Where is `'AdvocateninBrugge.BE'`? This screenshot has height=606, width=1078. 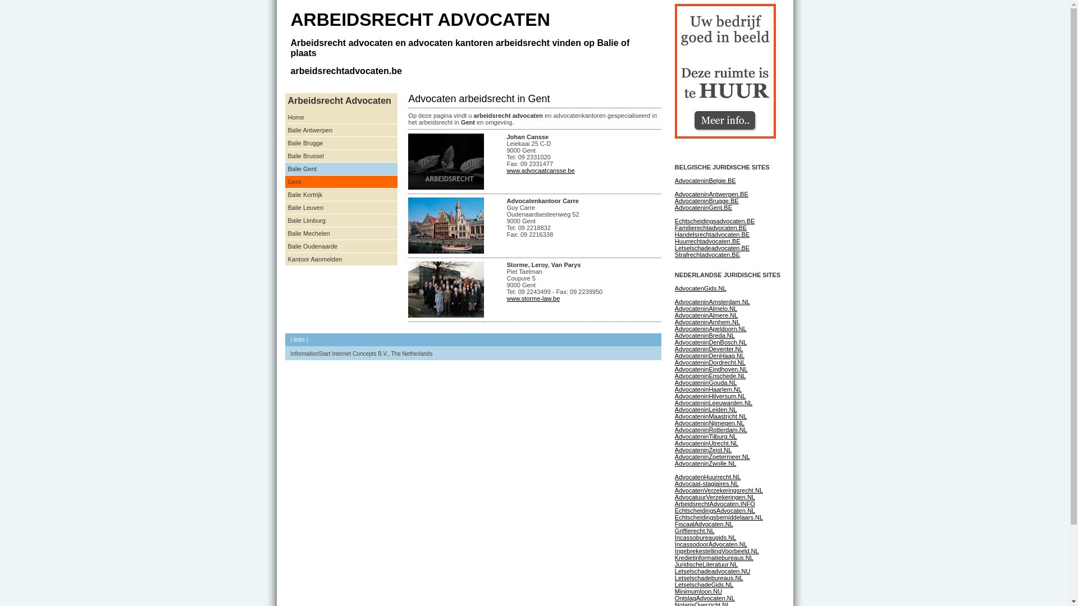 'AdvocateninBrugge.BE' is located at coordinates (706, 200).